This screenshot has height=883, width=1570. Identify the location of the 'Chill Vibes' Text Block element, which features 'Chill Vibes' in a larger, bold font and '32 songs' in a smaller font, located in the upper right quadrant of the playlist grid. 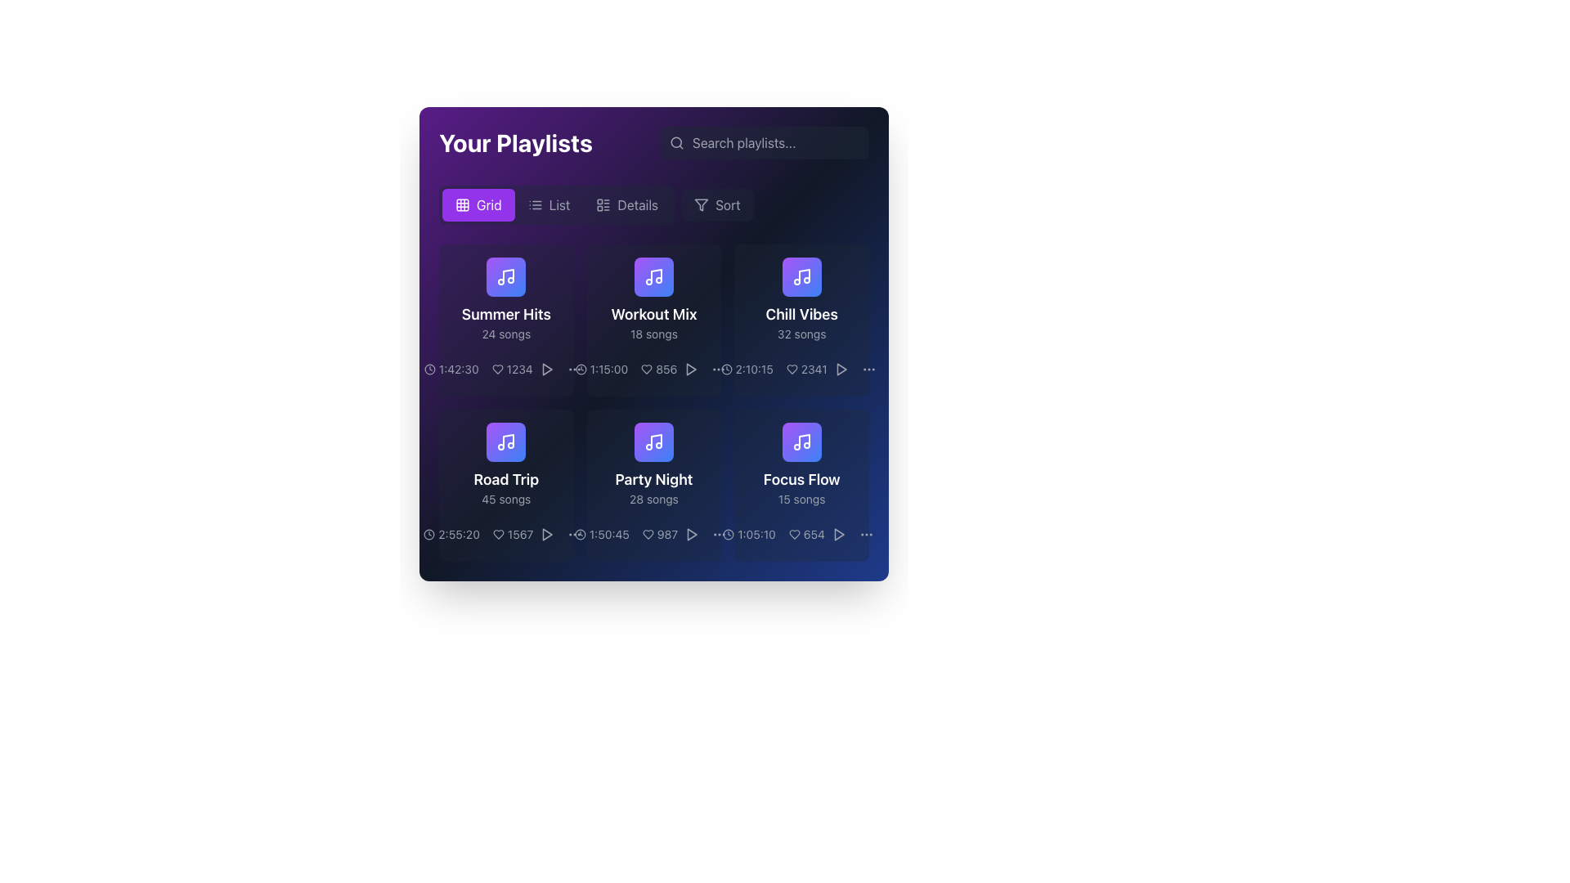
(801, 322).